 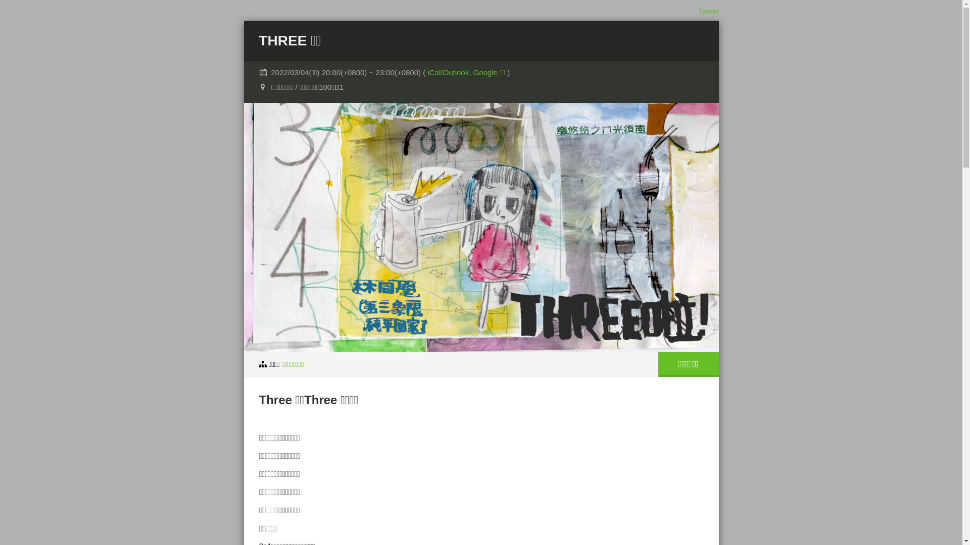 What do you see at coordinates (448, 72) in the screenshot?
I see `'iCal/Outlook'` at bounding box center [448, 72].